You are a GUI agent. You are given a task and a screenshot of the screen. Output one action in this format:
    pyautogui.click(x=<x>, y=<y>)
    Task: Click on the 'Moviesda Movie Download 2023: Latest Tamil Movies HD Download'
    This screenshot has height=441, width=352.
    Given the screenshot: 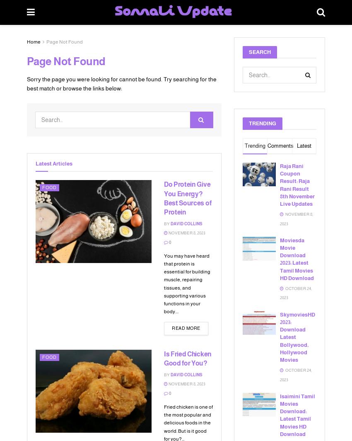 What is the action you would take?
    pyautogui.click(x=296, y=258)
    